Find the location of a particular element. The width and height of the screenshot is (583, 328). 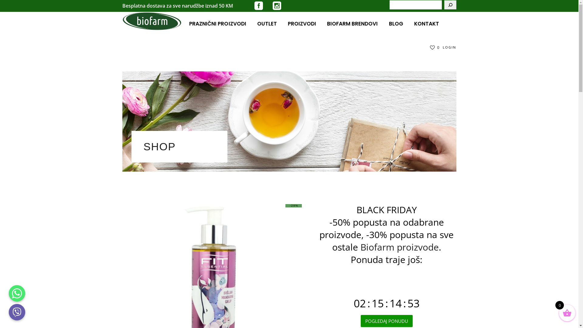

'OUTLET' is located at coordinates (267, 23).